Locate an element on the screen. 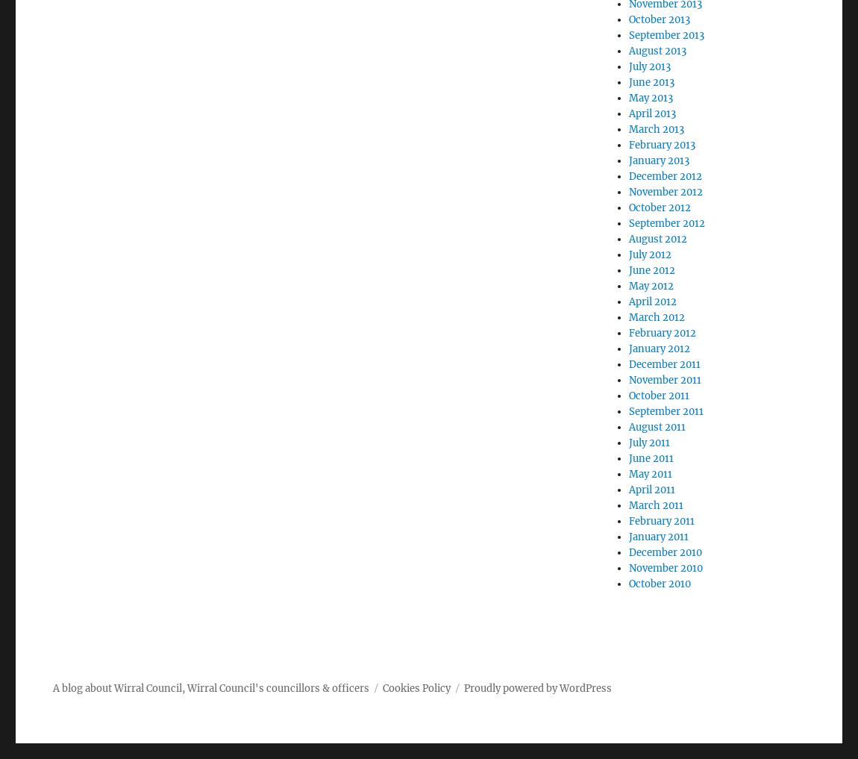 The height and width of the screenshot is (759, 858). 'February 2012' is located at coordinates (663, 333).